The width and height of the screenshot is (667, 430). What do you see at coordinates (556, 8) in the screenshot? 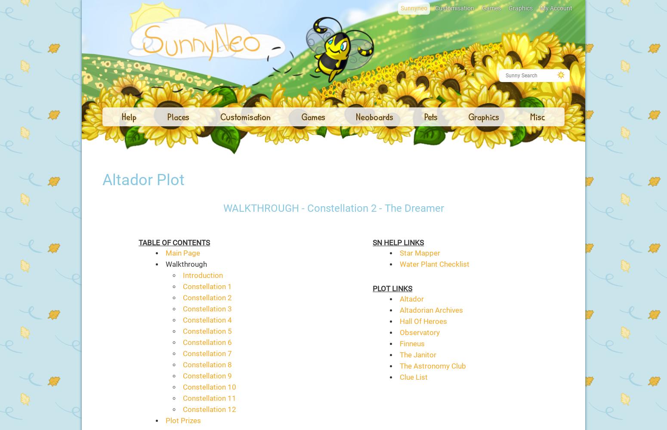
I see `'My Account'` at bounding box center [556, 8].